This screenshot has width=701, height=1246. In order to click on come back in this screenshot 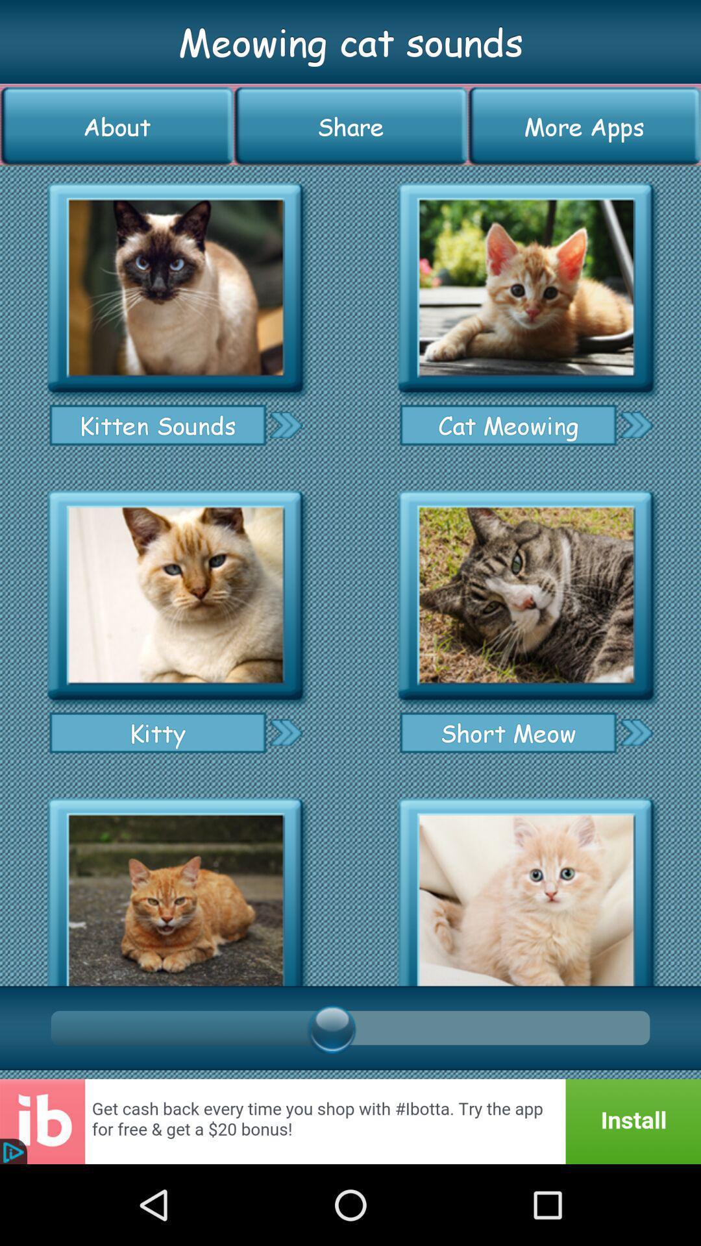, I will do `click(350, 1121)`.